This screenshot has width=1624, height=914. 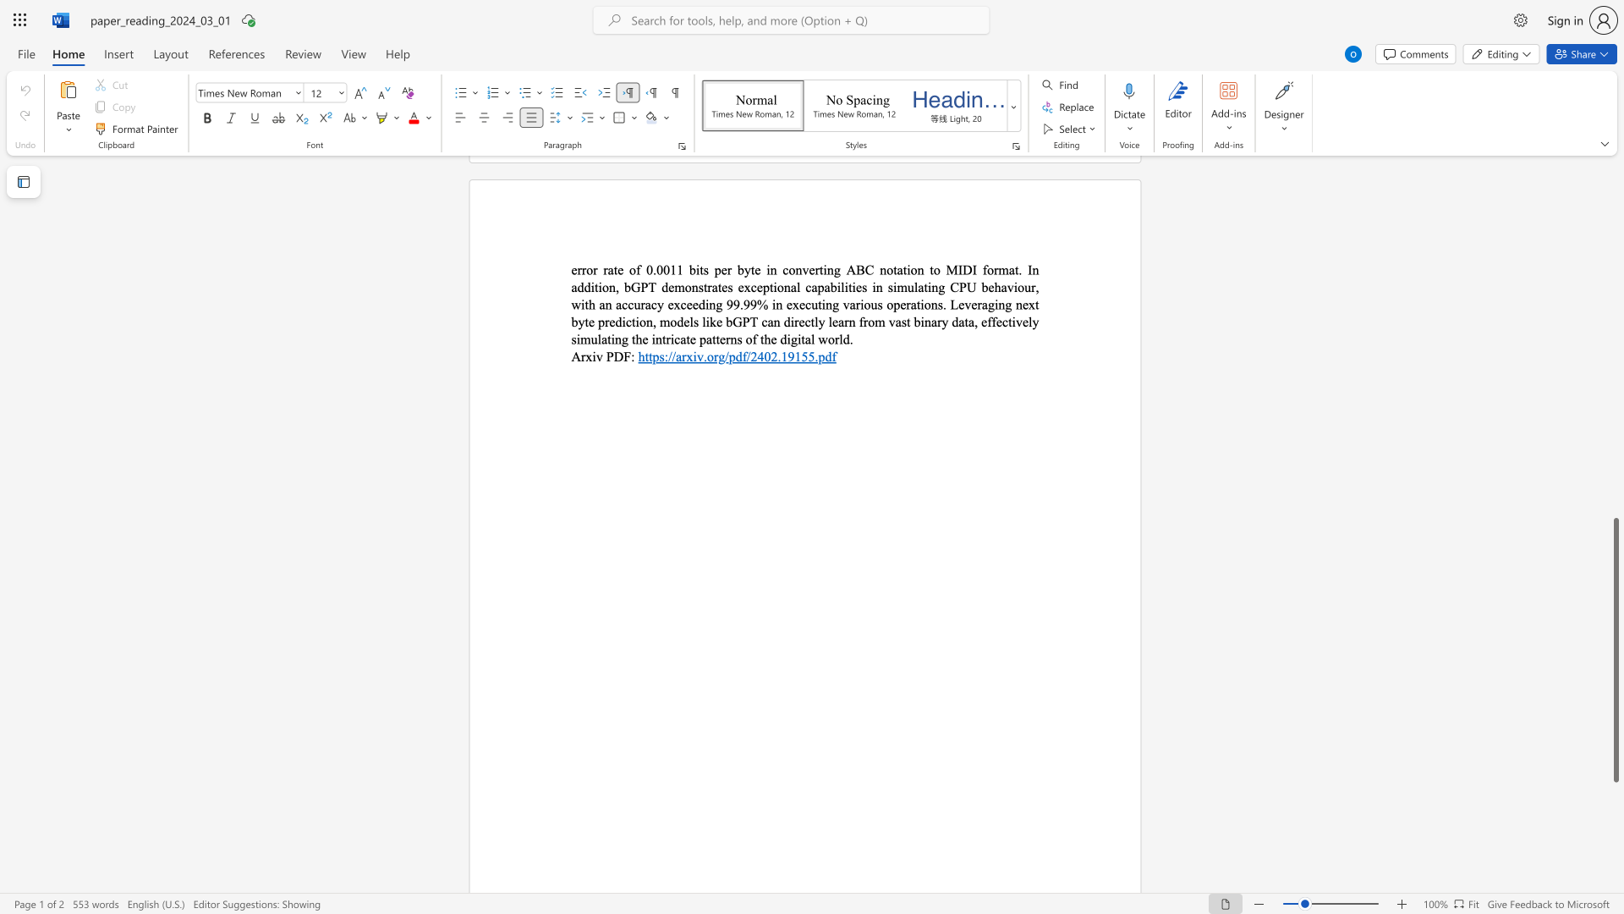 I want to click on the scrollbar on the right to move the page upward, so click(x=1615, y=447).